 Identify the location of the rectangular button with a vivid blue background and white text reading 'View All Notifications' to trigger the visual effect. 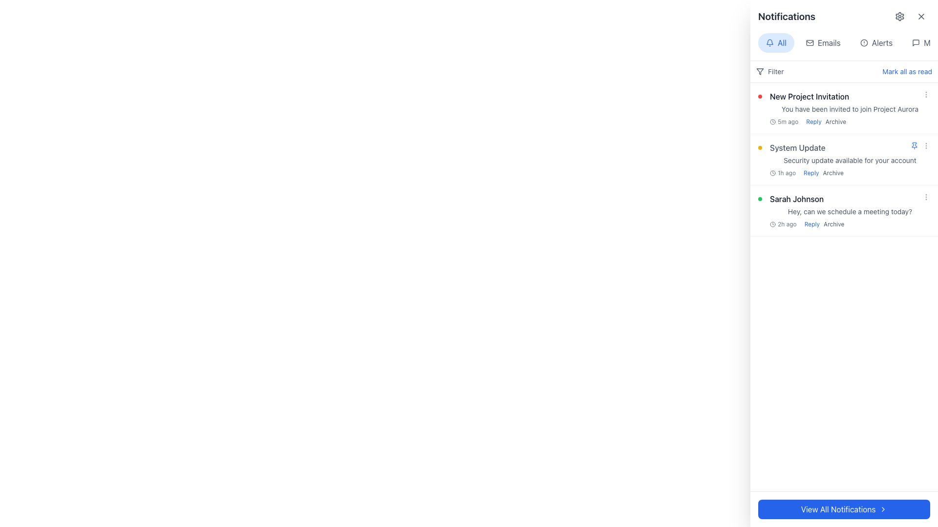
(844, 509).